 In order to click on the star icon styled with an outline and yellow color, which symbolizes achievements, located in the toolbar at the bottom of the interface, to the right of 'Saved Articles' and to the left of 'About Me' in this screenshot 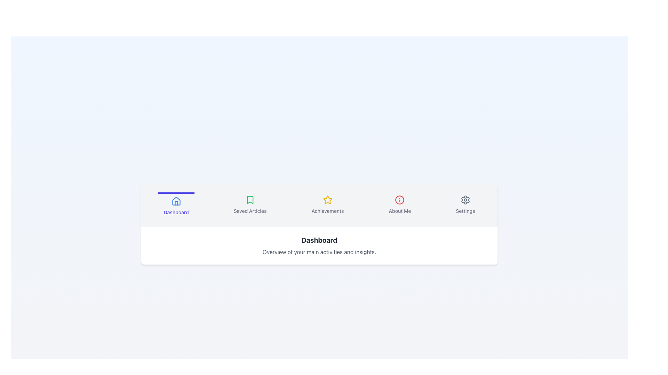, I will do `click(327, 200)`.